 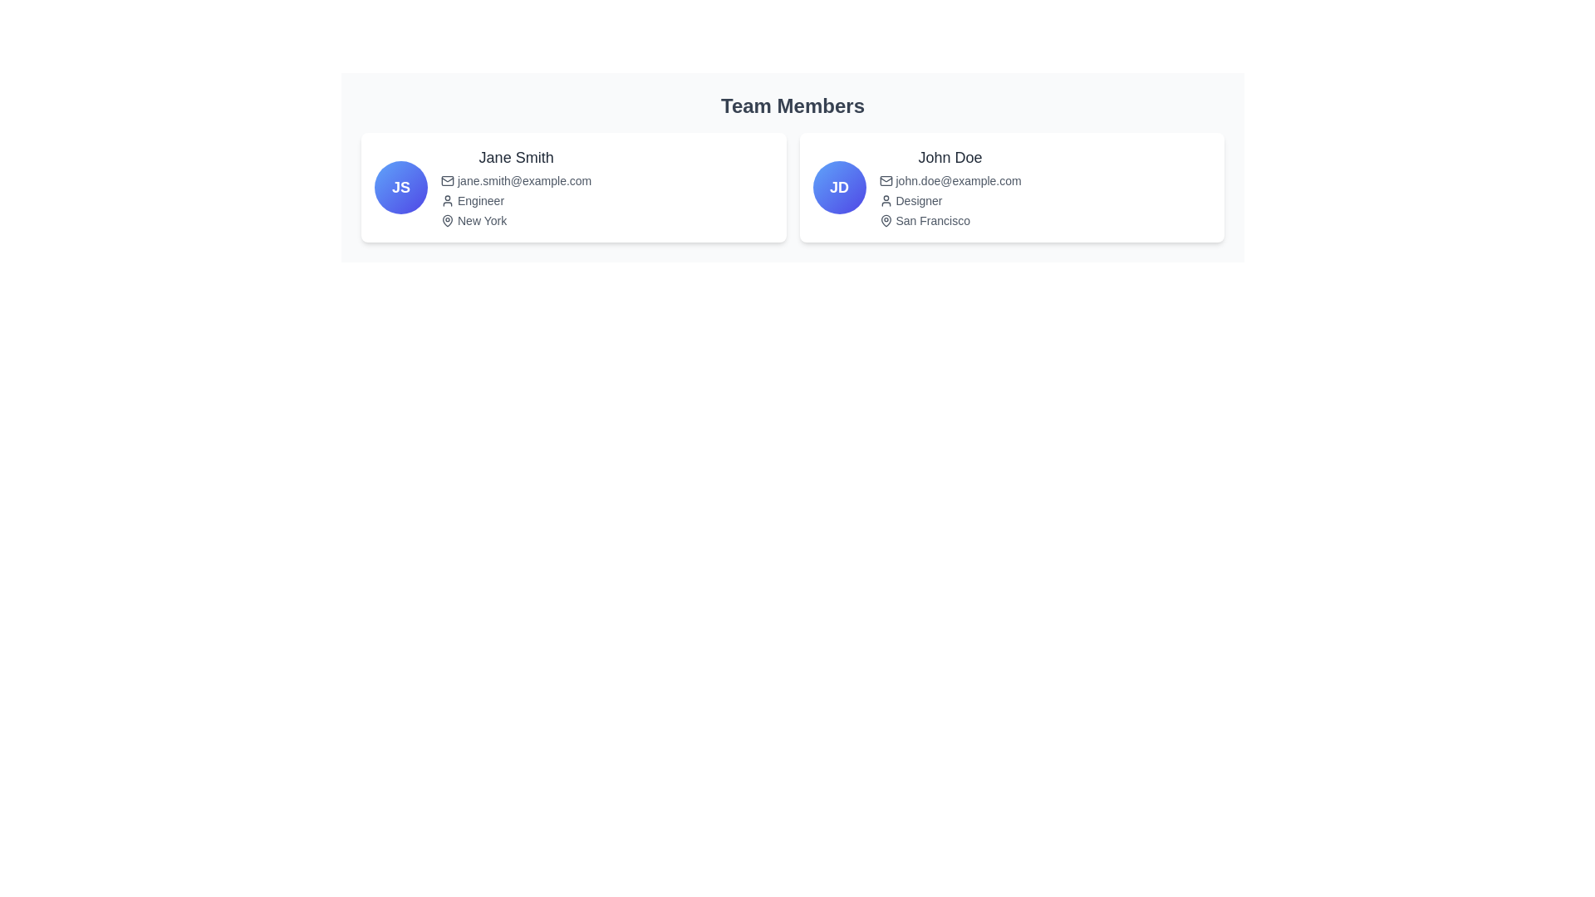 I want to click on email address displayed in small gray font below the name 'Jane Smith' and above the role 'Engineer', so click(x=515, y=181).